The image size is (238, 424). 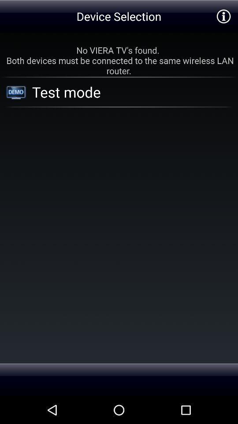 I want to click on additional information, so click(x=223, y=15).